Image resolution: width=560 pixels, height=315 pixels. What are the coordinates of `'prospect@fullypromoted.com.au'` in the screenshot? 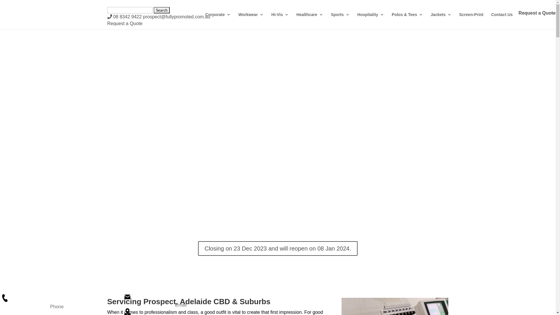 It's located at (176, 16).